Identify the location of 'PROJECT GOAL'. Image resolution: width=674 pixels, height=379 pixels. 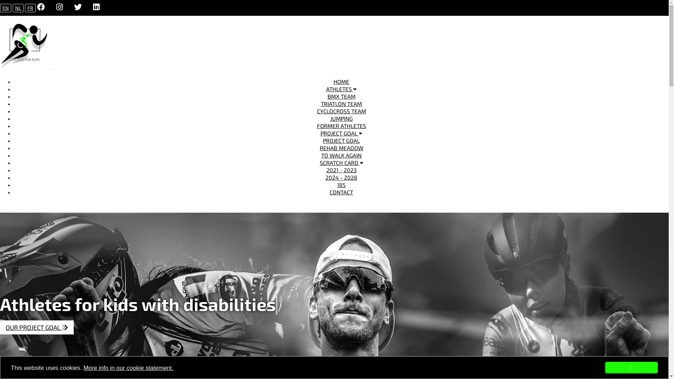
(341, 140).